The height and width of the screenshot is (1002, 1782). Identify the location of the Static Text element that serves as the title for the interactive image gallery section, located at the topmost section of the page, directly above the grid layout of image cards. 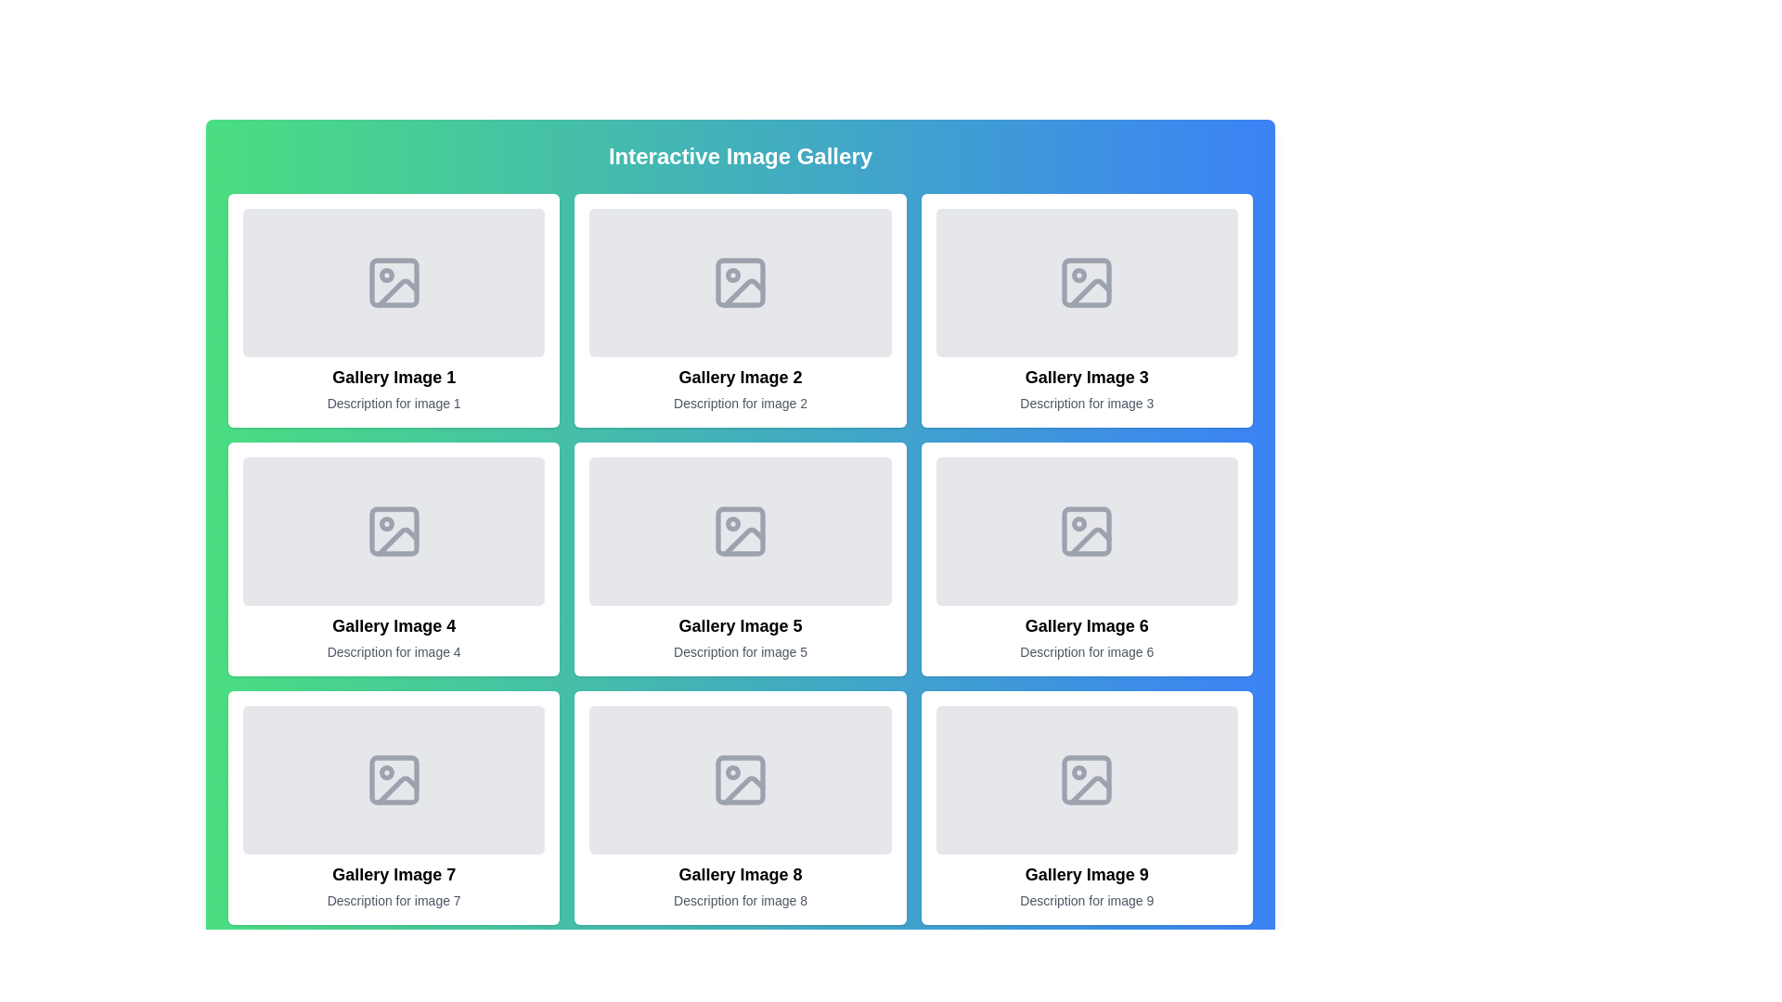
(739, 156).